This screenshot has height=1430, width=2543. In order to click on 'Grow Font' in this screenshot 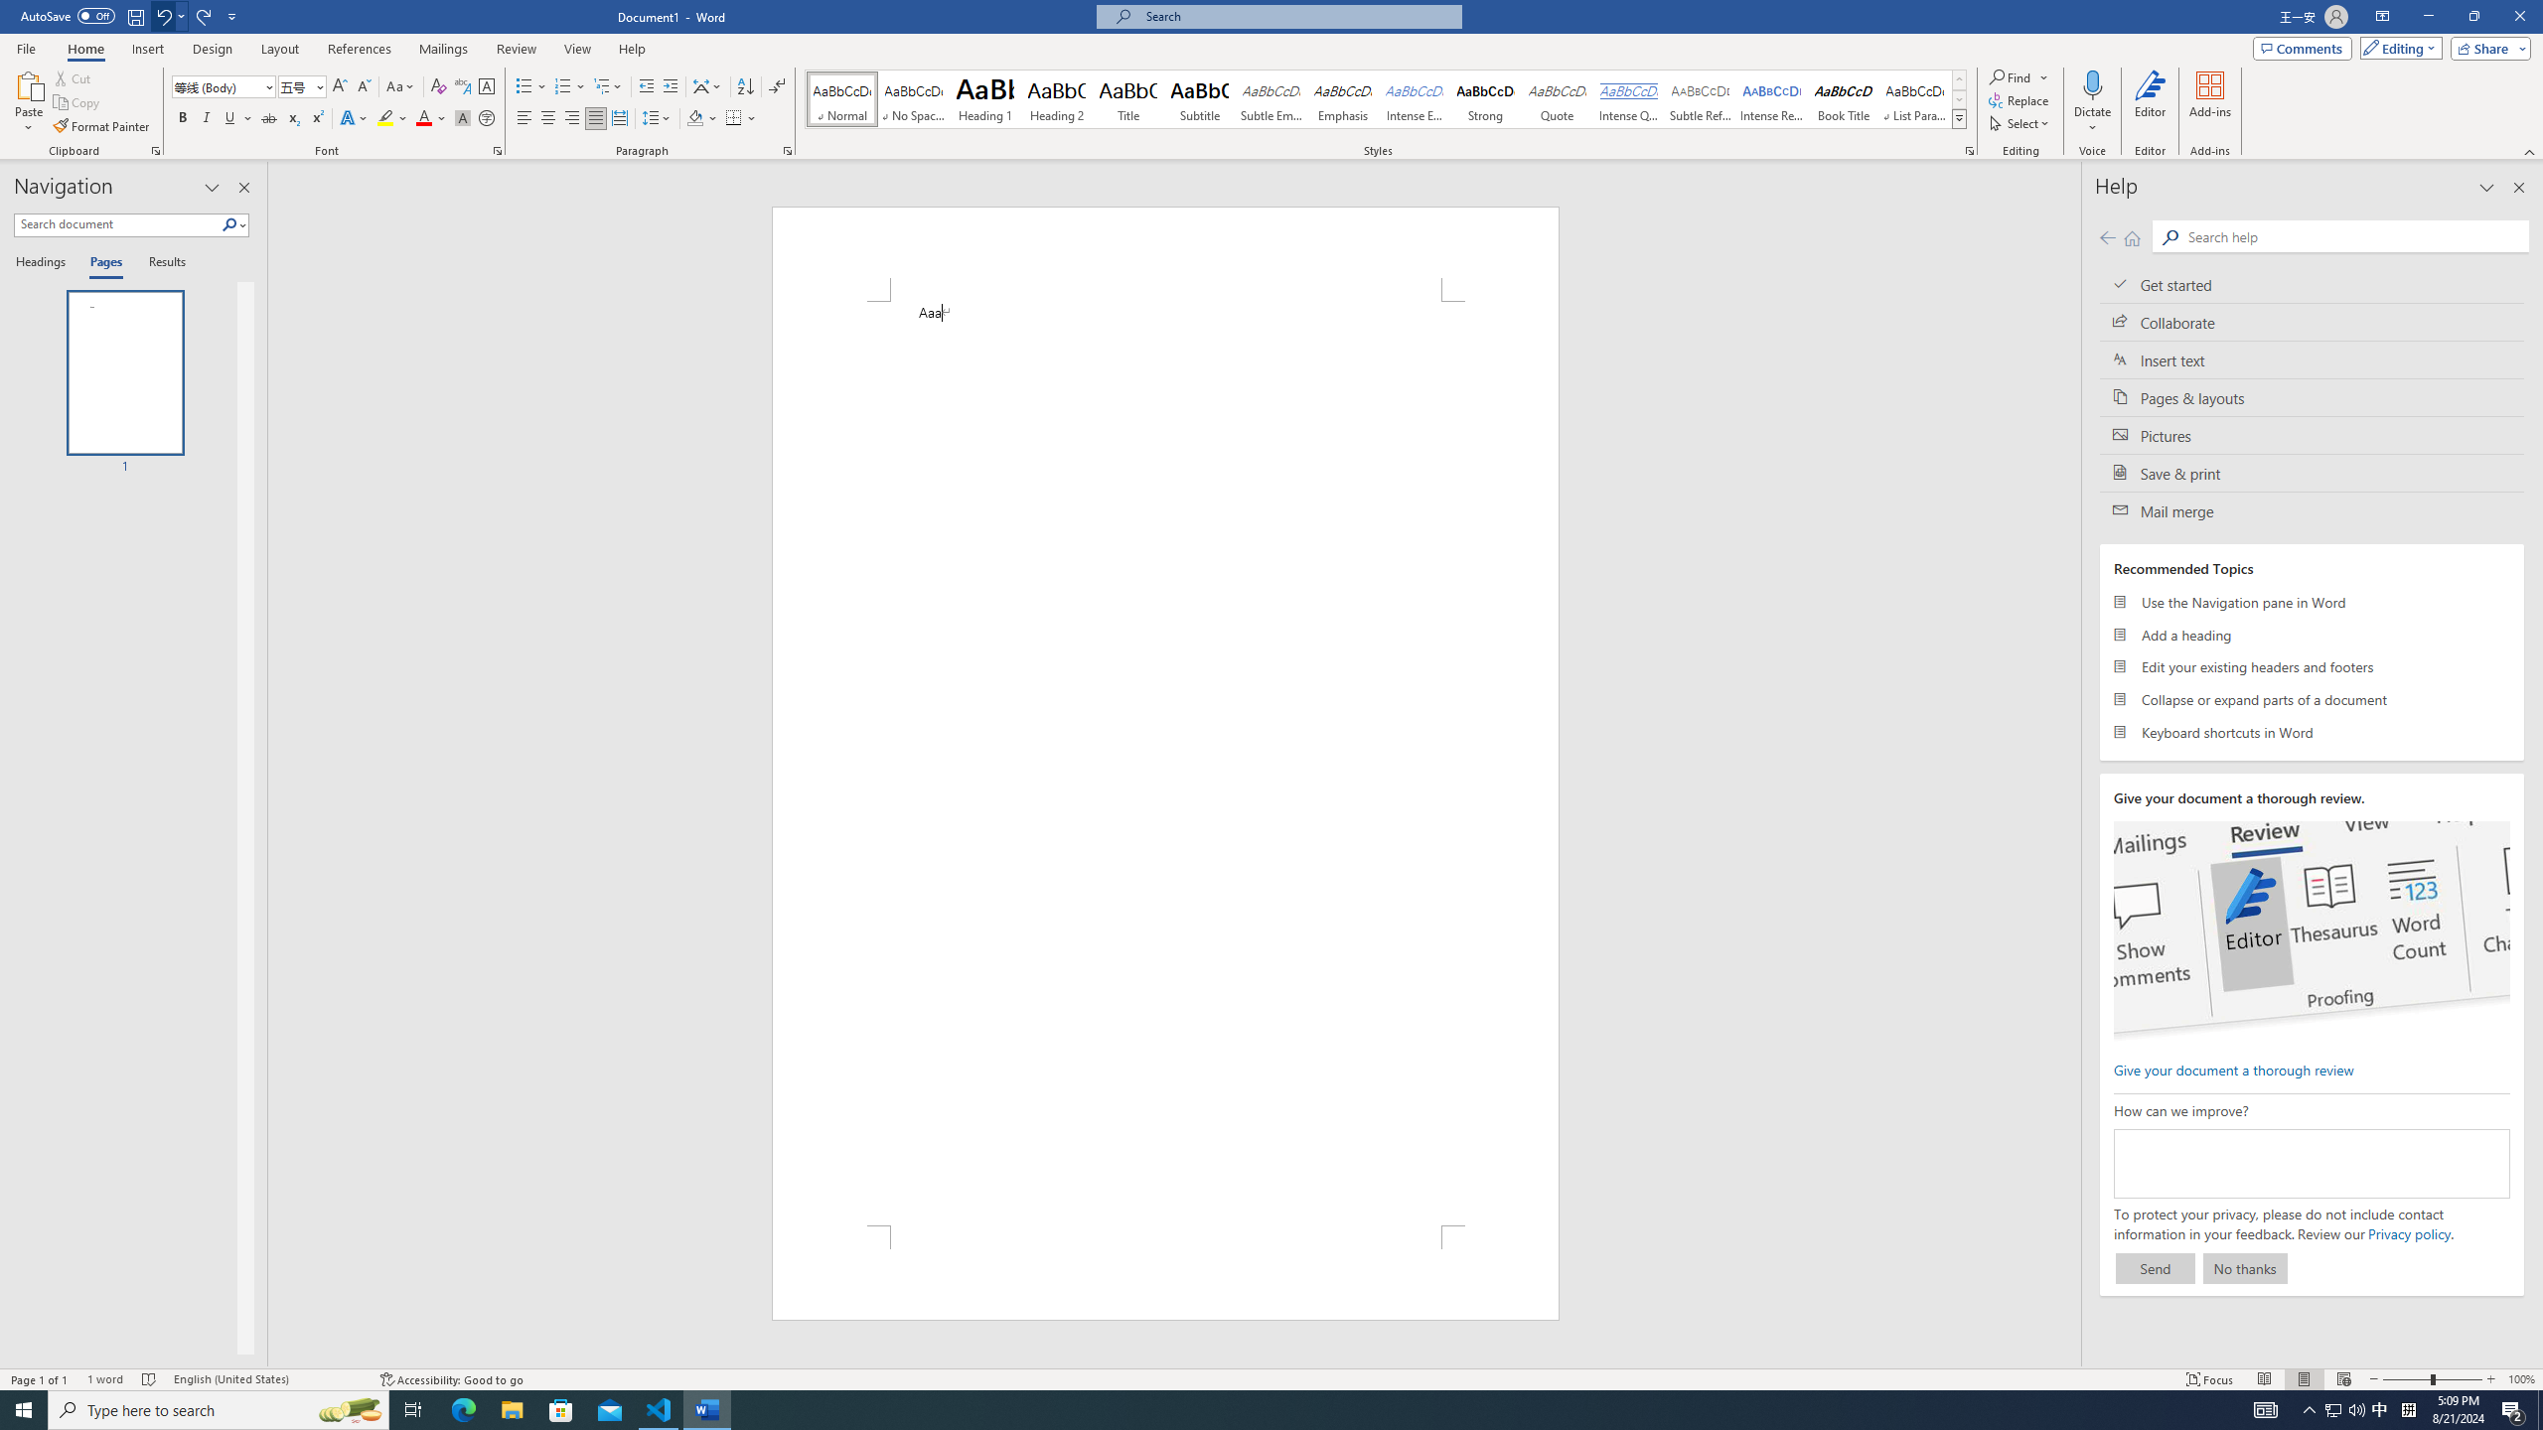, I will do `click(339, 86)`.